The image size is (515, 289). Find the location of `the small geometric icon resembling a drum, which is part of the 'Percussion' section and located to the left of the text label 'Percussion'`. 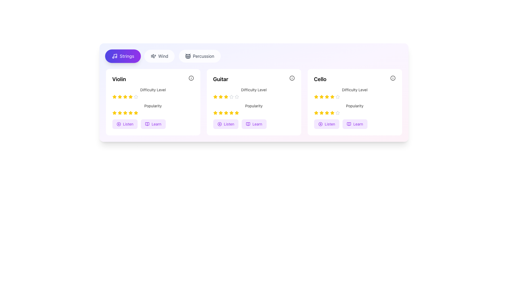

the small geometric icon resembling a drum, which is part of the 'Percussion' section and located to the left of the text label 'Percussion' is located at coordinates (188, 56).